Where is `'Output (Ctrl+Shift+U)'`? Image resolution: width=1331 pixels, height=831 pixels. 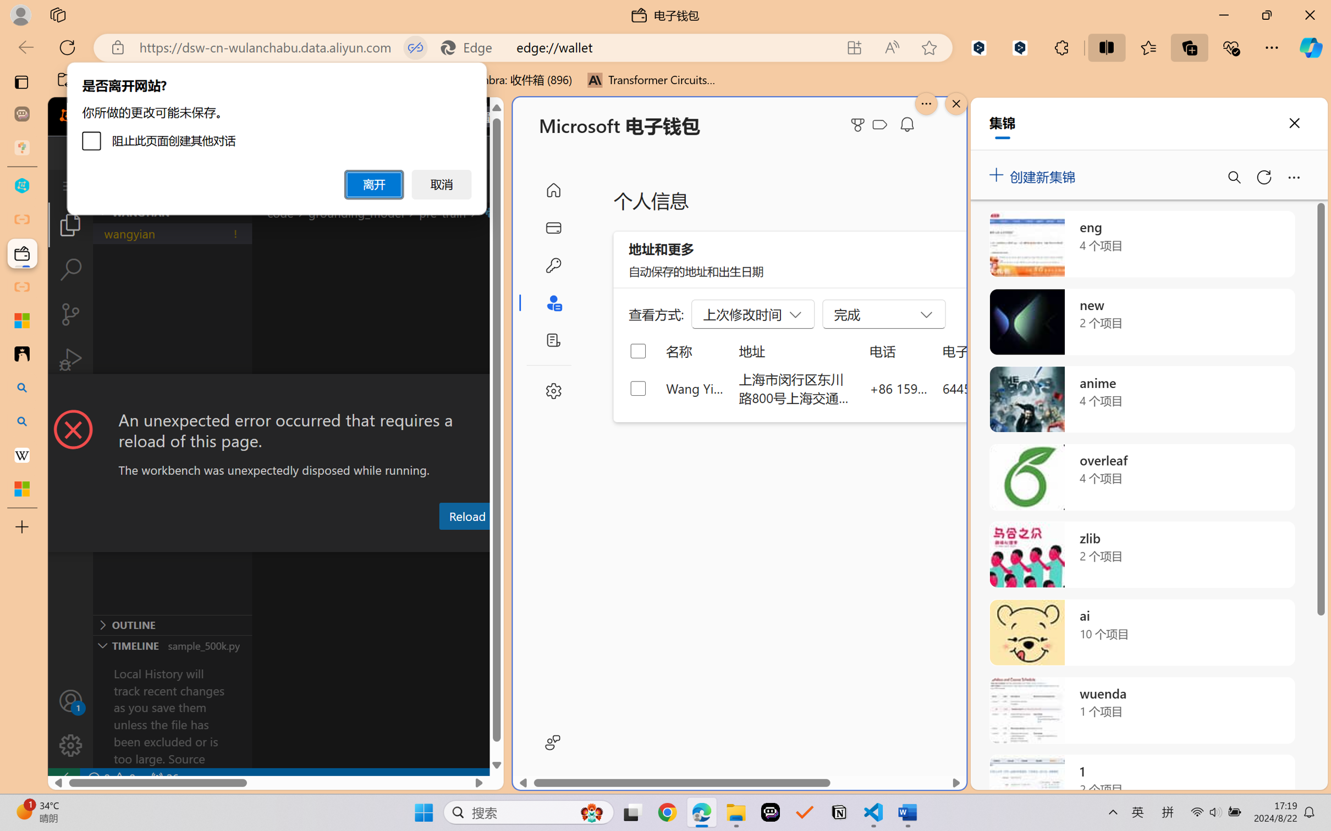 'Output (Ctrl+Shift+U)' is located at coordinates (361, 542).